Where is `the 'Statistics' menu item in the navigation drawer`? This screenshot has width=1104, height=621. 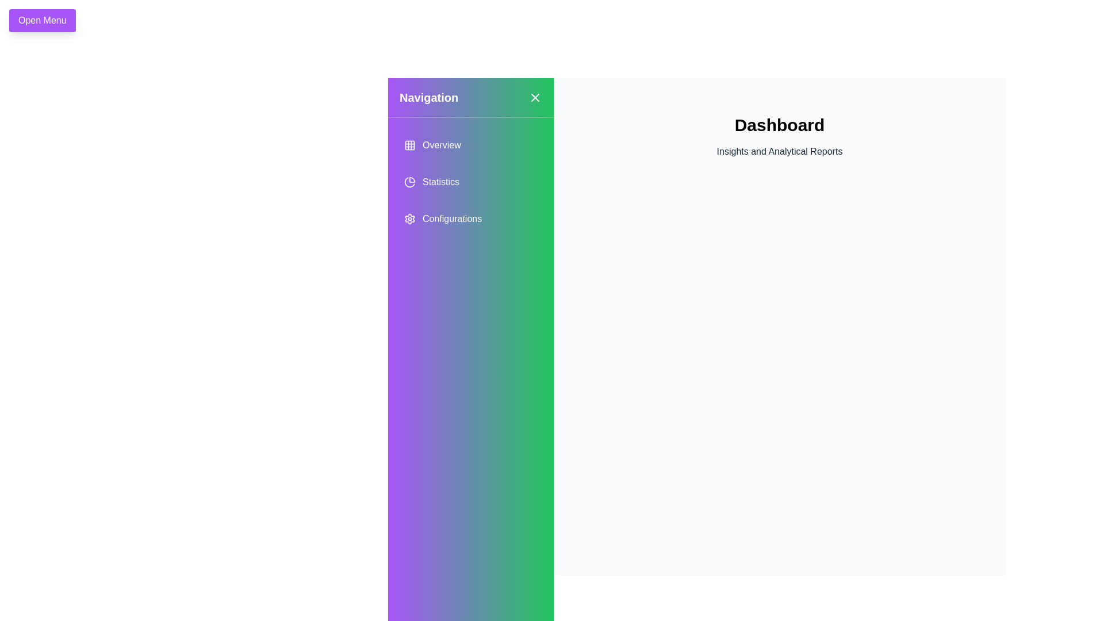
the 'Statistics' menu item in the navigation drawer is located at coordinates (471, 181).